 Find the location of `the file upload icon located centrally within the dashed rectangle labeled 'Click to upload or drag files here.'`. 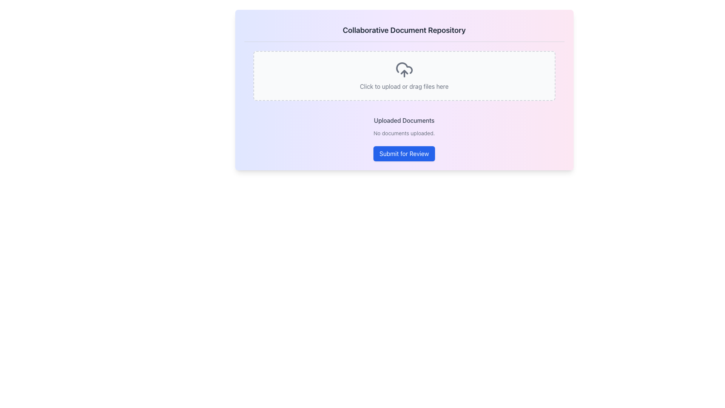

the file upload icon located centrally within the dashed rectangle labeled 'Click to upload or drag files here.' is located at coordinates (404, 70).